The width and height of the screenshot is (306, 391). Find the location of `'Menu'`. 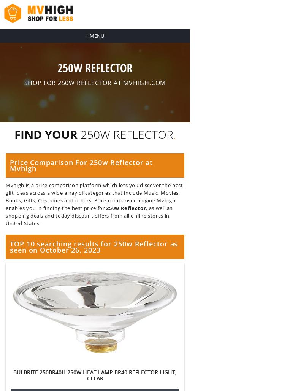

'Menu' is located at coordinates (96, 35).